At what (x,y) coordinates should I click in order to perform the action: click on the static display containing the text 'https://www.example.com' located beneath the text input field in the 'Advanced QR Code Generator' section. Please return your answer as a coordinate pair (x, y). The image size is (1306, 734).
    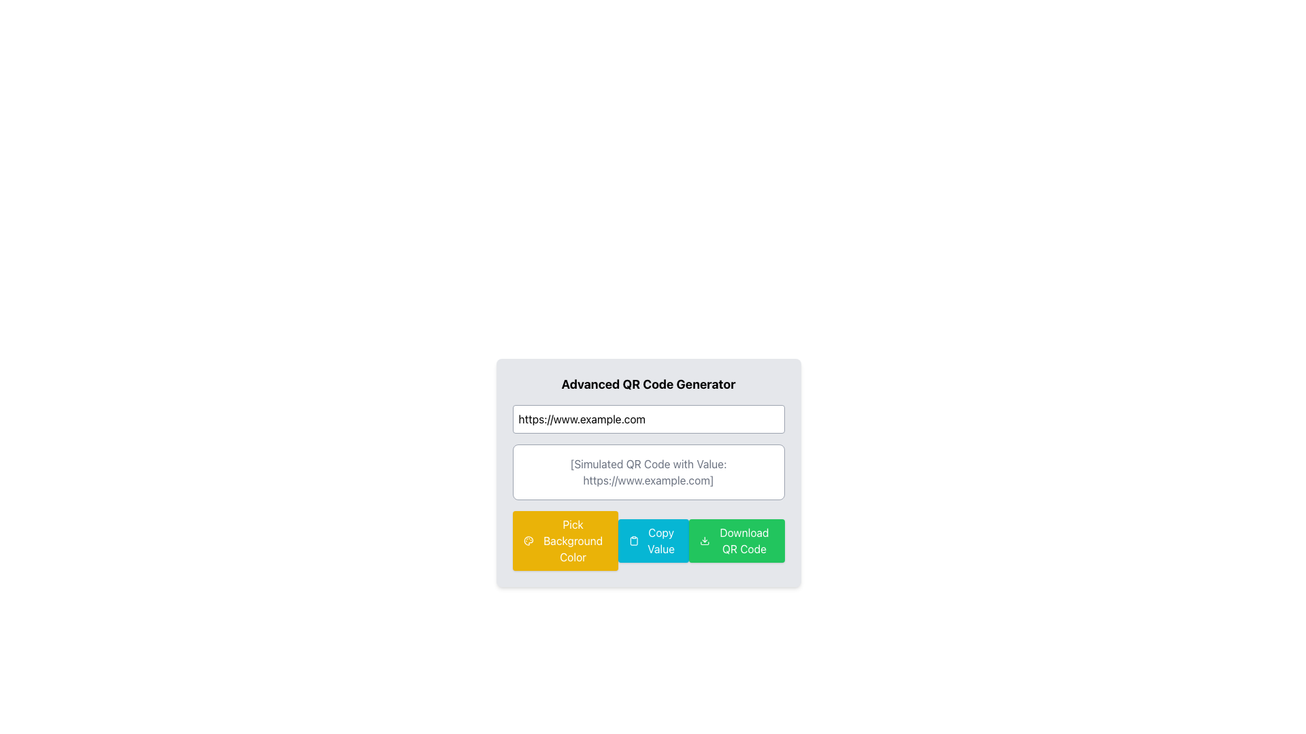
    Looking at the image, I should click on (648, 471).